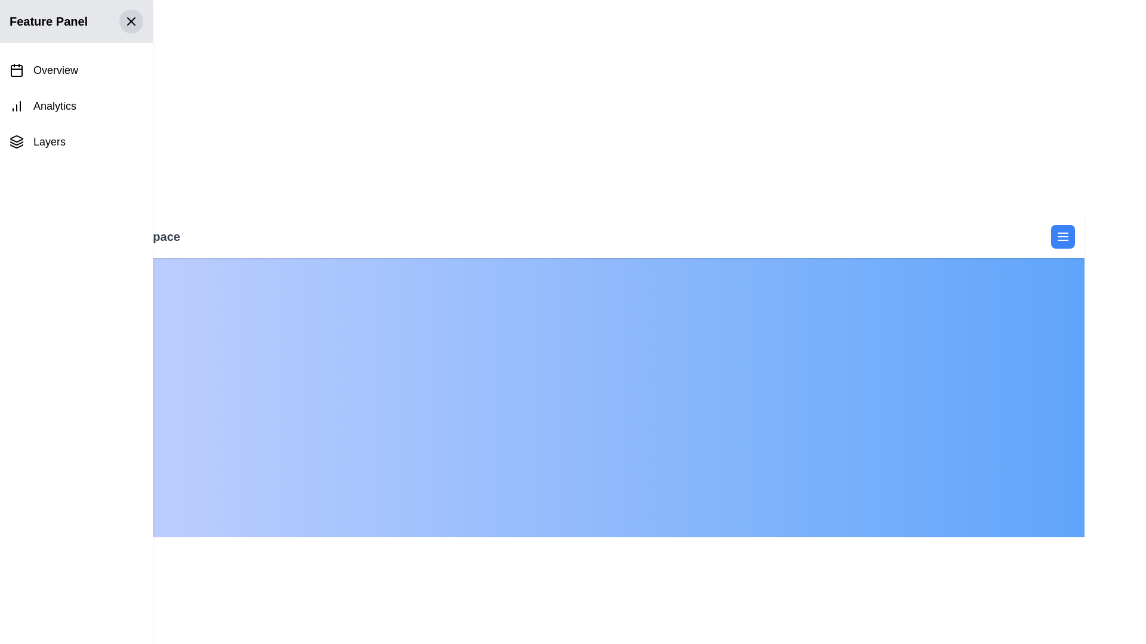 The height and width of the screenshot is (644, 1146). What do you see at coordinates (55, 70) in the screenshot?
I see `the text of the 'Overview' label located in the vertical navigation bar on the left side of the interface, positioned below the calendar icon` at bounding box center [55, 70].